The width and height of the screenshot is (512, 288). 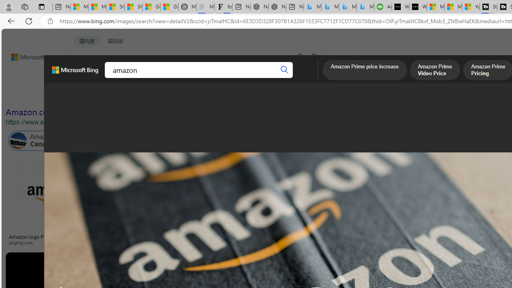 What do you see at coordinates (219, 78) in the screenshot?
I see `'ACADEMIC'` at bounding box center [219, 78].